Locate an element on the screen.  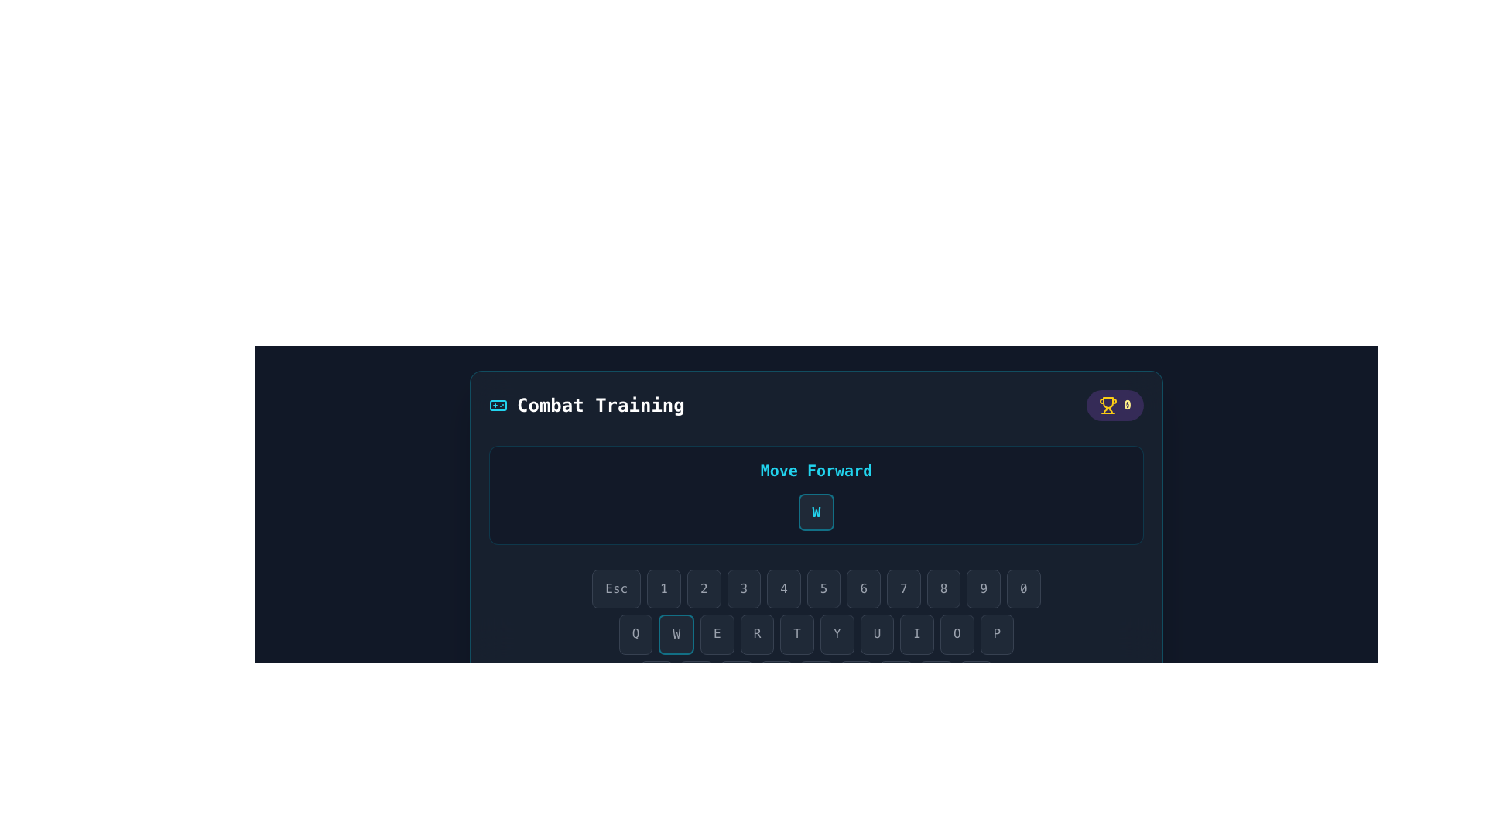
the button labeled 'T', which is the fifth button in a row of key-like buttons is located at coordinates (797, 635).